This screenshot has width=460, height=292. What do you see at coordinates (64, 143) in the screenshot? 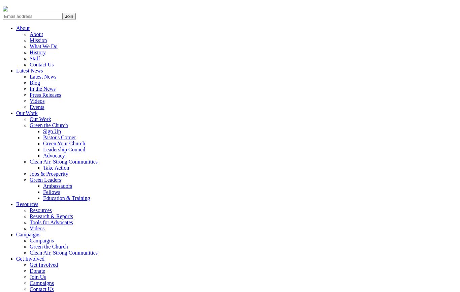
I see `'Green Your Church'` at bounding box center [64, 143].